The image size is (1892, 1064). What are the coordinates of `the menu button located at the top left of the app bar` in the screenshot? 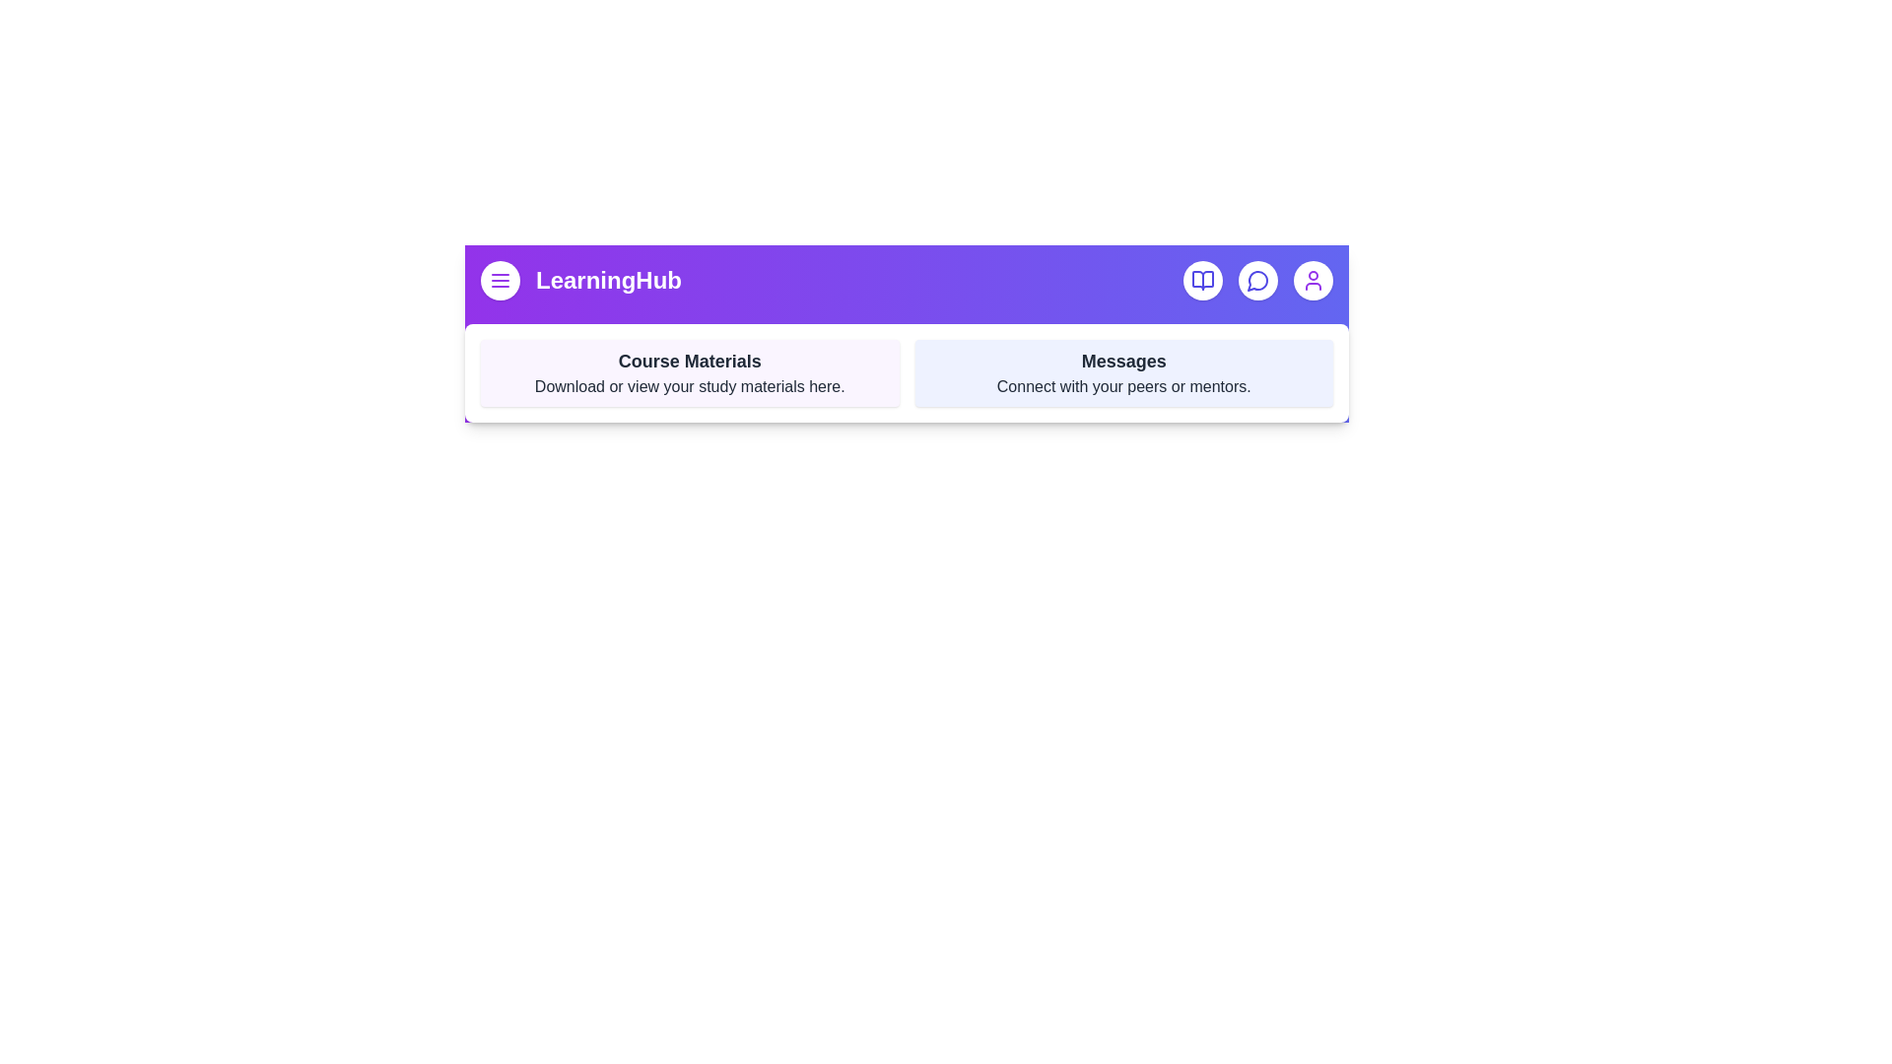 It's located at (501, 281).